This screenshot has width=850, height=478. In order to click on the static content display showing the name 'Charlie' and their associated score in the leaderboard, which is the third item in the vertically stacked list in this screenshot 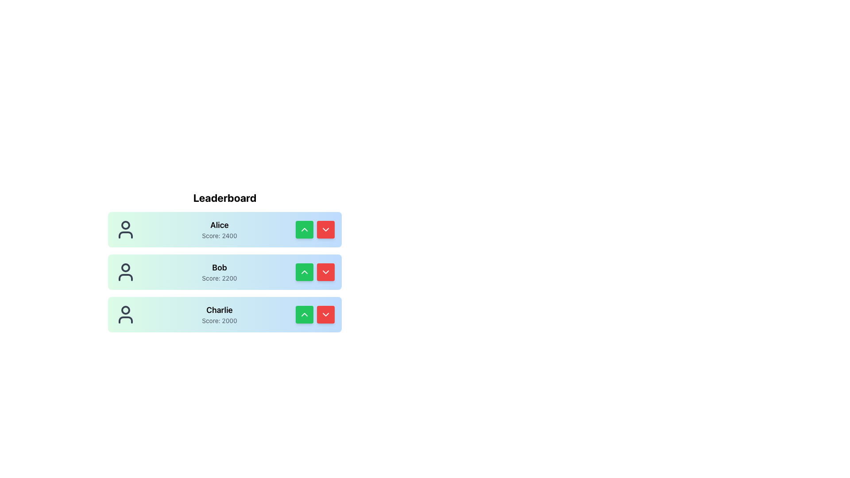, I will do `click(219, 314)`.